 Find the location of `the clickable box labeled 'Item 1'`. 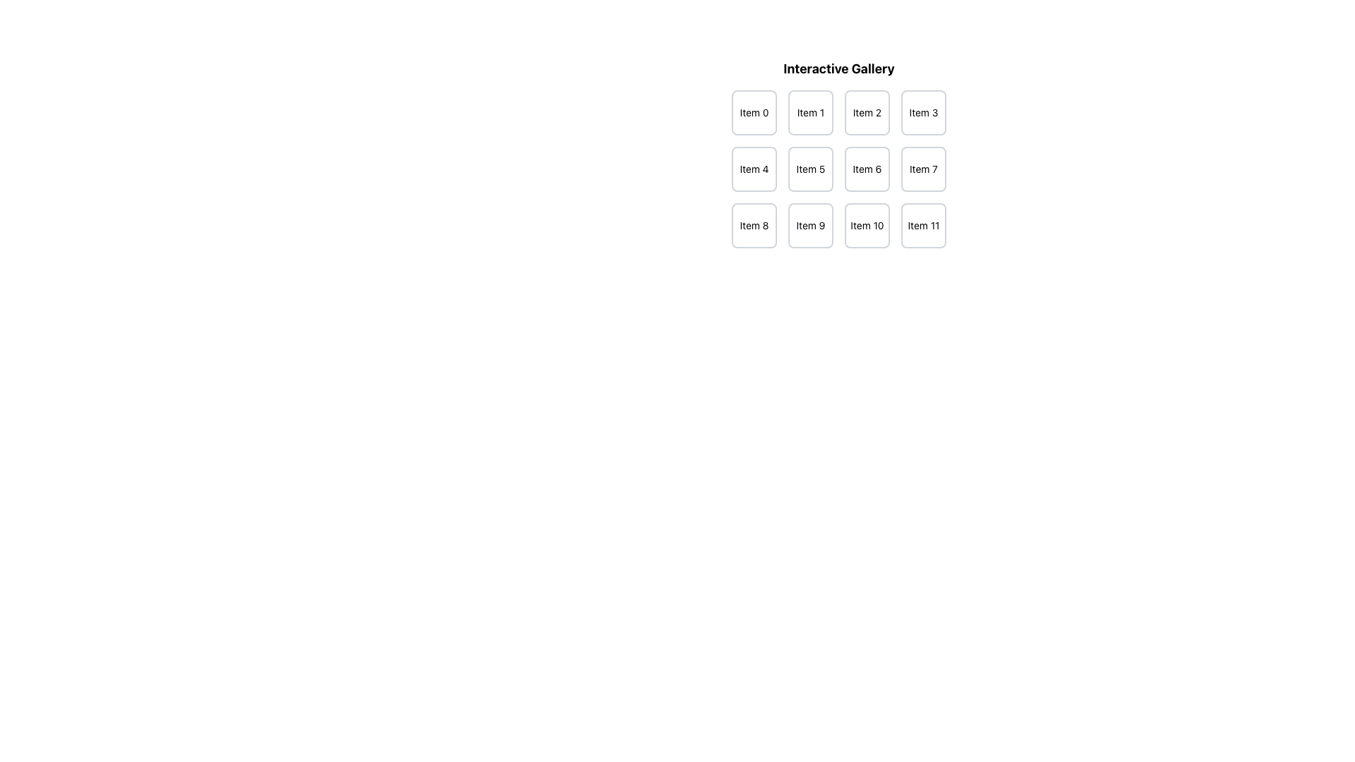

the clickable box labeled 'Item 1' is located at coordinates (810, 111).